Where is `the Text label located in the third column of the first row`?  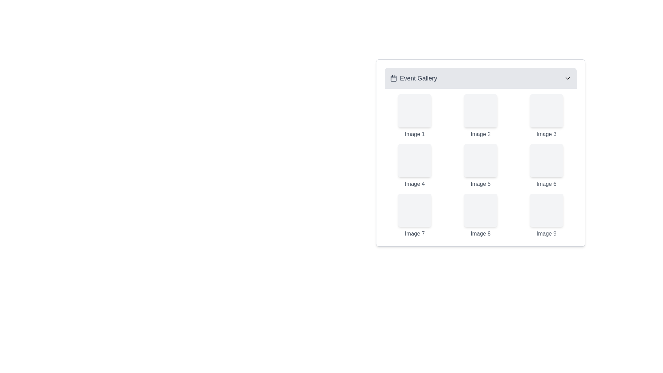
the Text label located in the third column of the first row is located at coordinates (546, 134).